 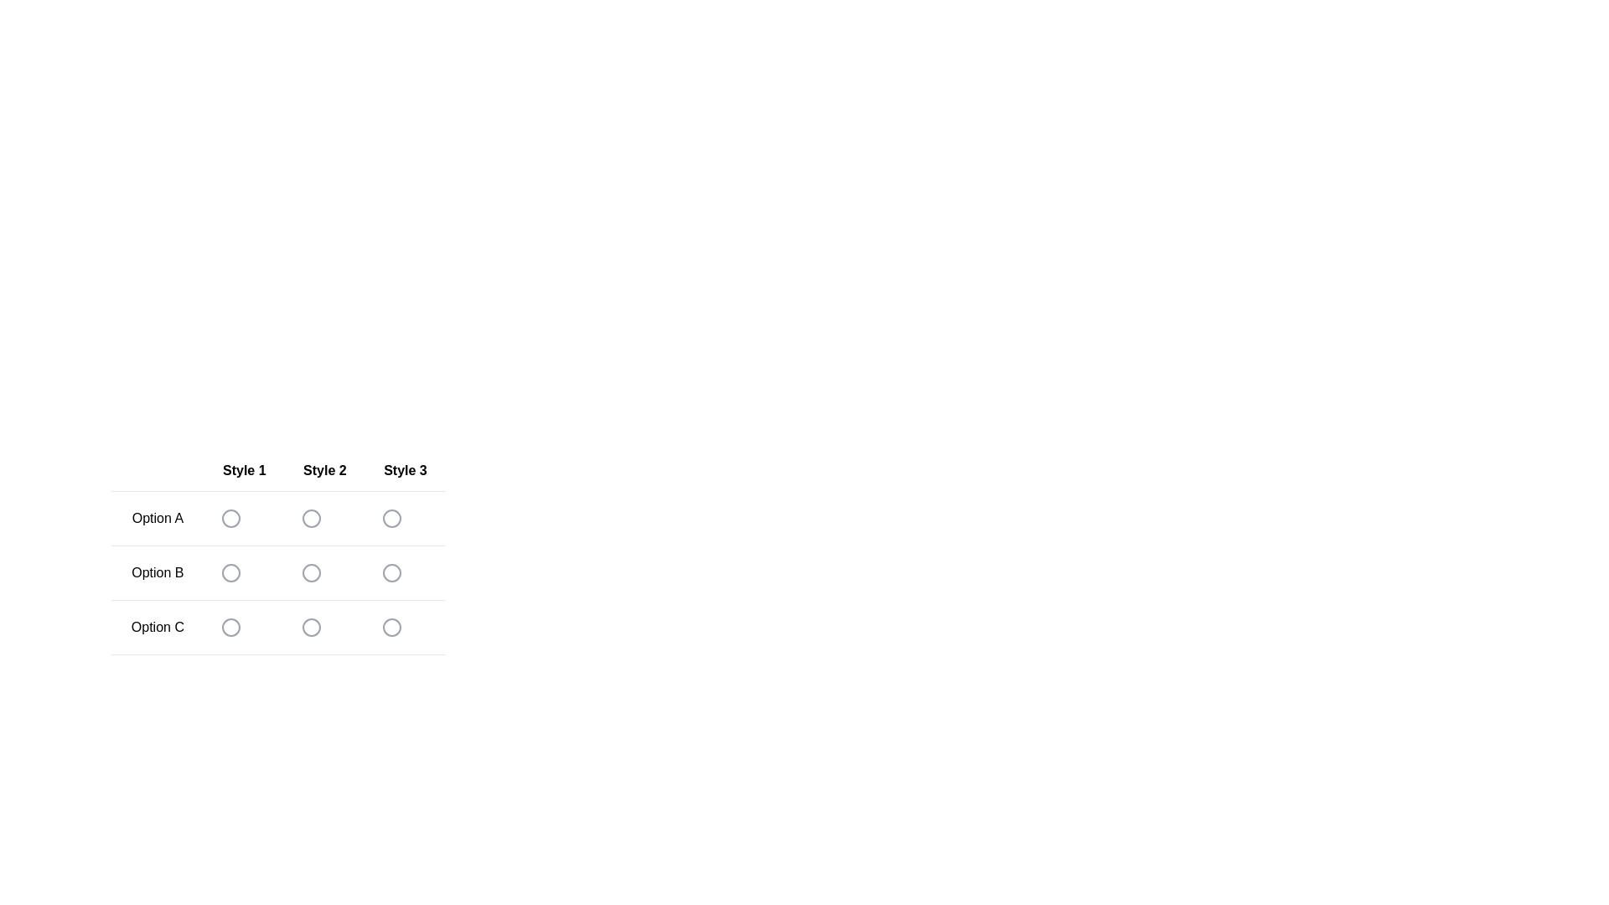 What do you see at coordinates (391, 517) in the screenshot?
I see `the center of the radio button marker for 'Option A'` at bounding box center [391, 517].